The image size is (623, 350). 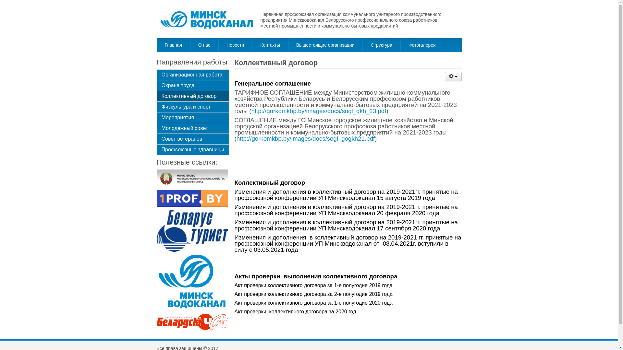 What do you see at coordinates (305, 138) in the screenshot?
I see `'http://gorkomkbp.by/images/docs/sogl_gogkh21.pdf'` at bounding box center [305, 138].